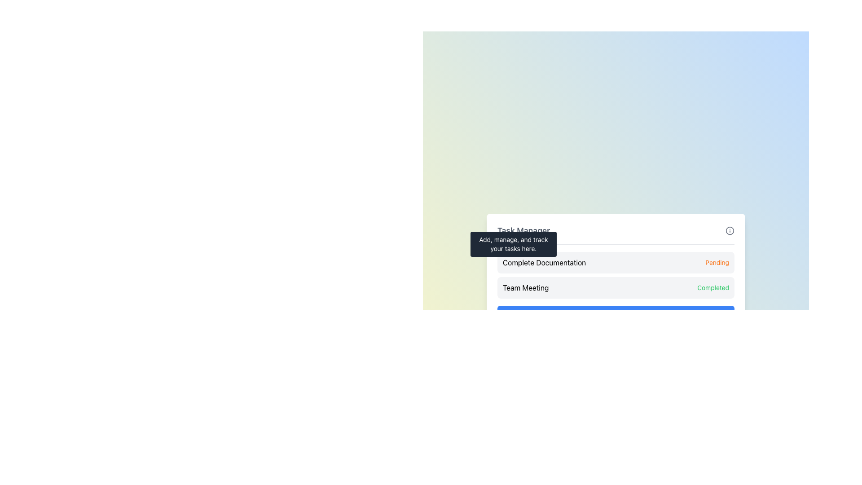 Image resolution: width=862 pixels, height=485 pixels. I want to click on the decorative icon inside the 'Add Task' button, which serves as a visual indicator for adding new tasks or items, so click(599, 314).